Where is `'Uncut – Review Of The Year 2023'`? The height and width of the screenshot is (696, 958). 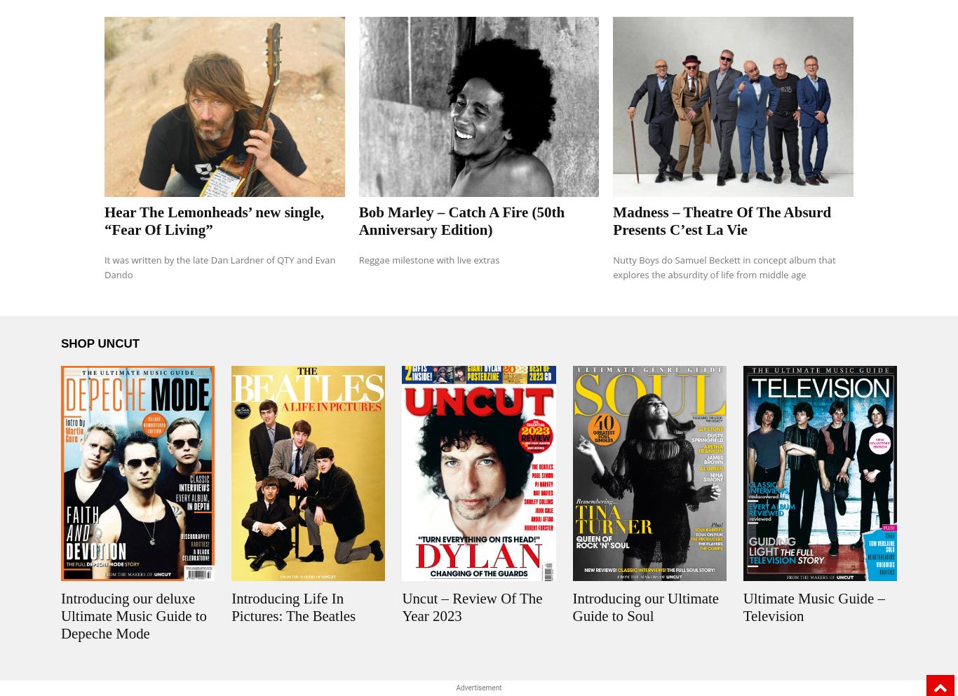
'Uncut – Review Of The Year 2023' is located at coordinates (471, 606).